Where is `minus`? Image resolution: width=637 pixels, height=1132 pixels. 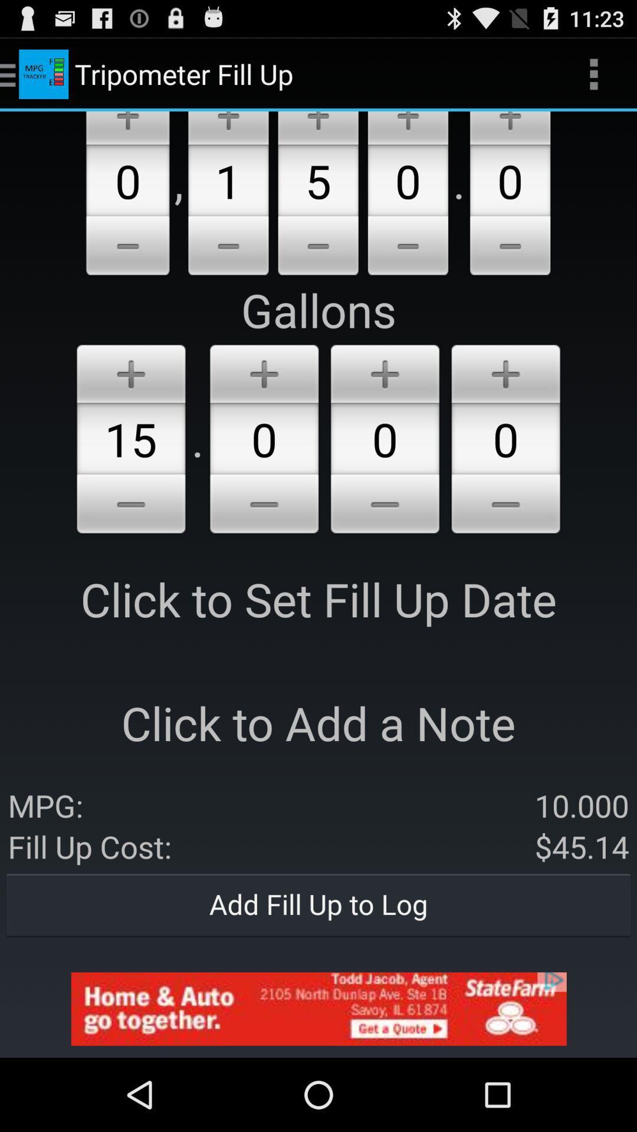 minus is located at coordinates (127, 247).